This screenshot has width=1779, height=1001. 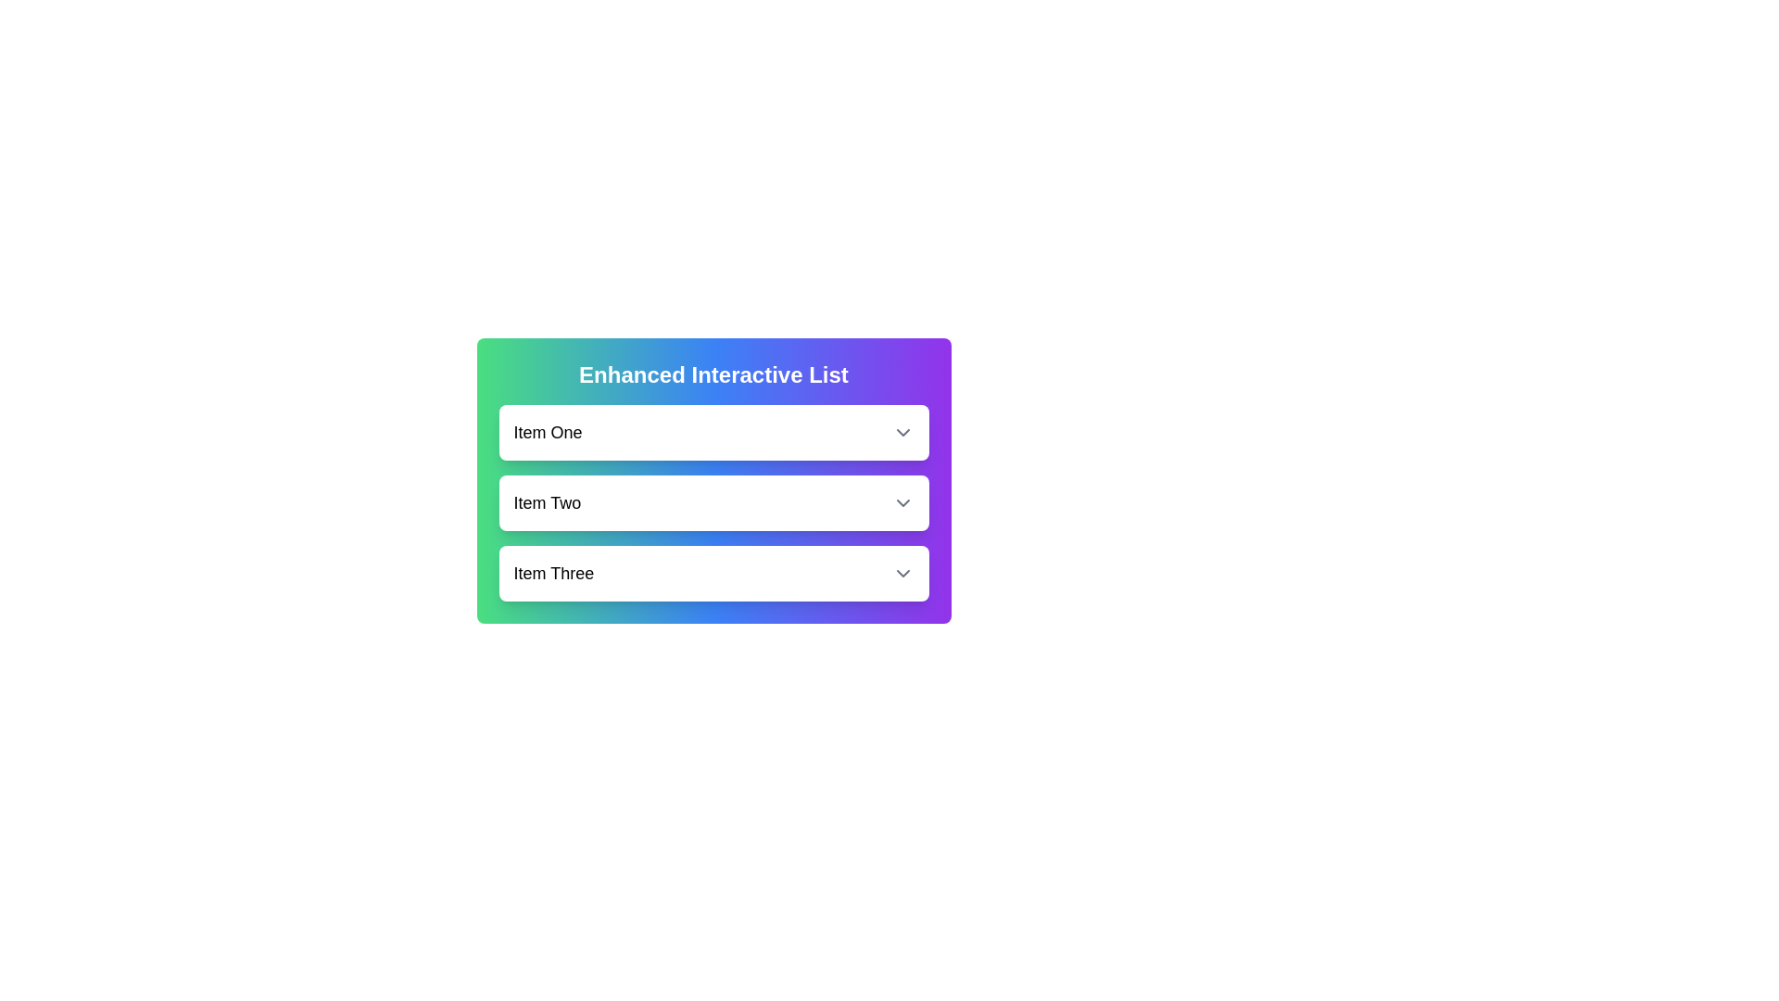 What do you see at coordinates (902, 572) in the screenshot?
I see `the downward-facing arrow icon within the dropdown button of the 'Item Three' row` at bounding box center [902, 572].